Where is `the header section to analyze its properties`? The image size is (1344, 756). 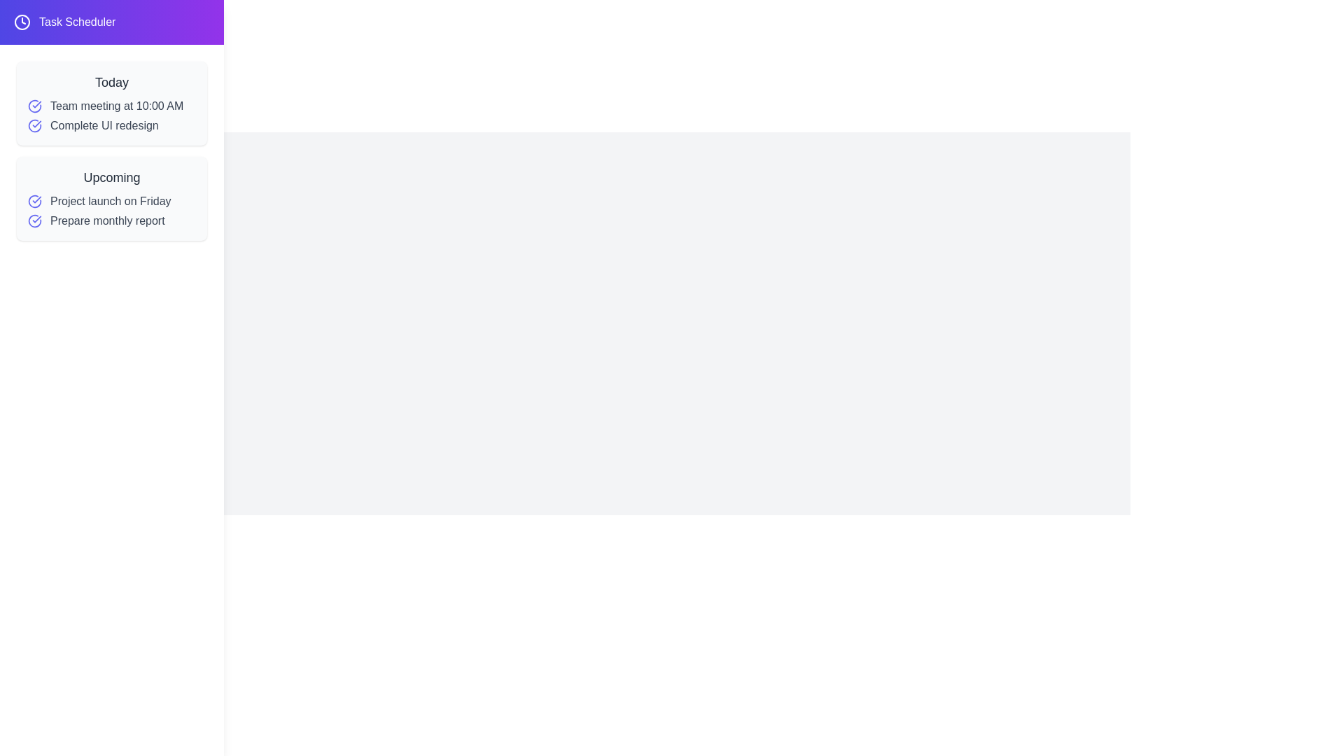
the header section to analyze its properties is located at coordinates (111, 22).